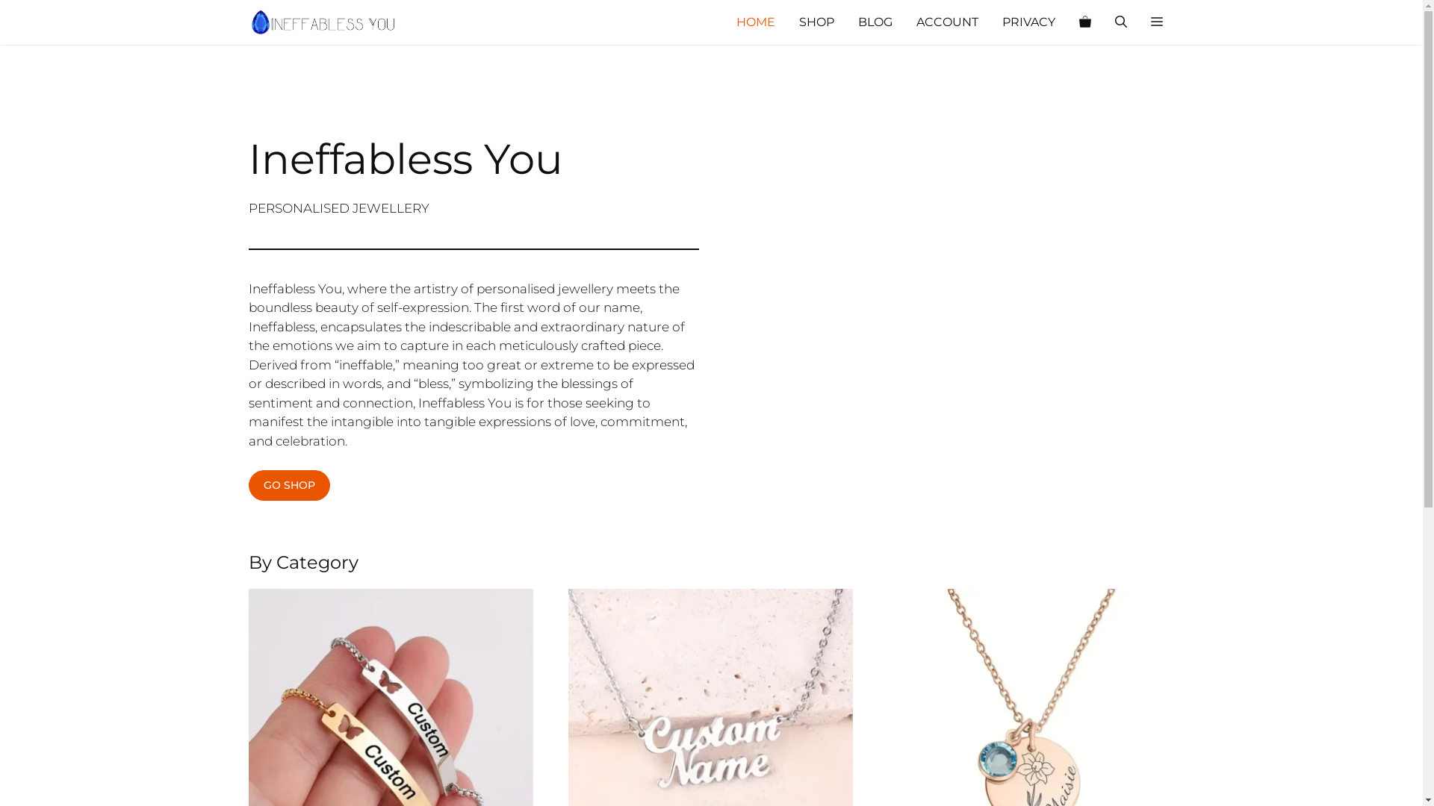 Image resolution: width=1434 pixels, height=806 pixels. What do you see at coordinates (756, 22) in the screenshot?
I see `'HOME'` at bounding box center [756, 22].